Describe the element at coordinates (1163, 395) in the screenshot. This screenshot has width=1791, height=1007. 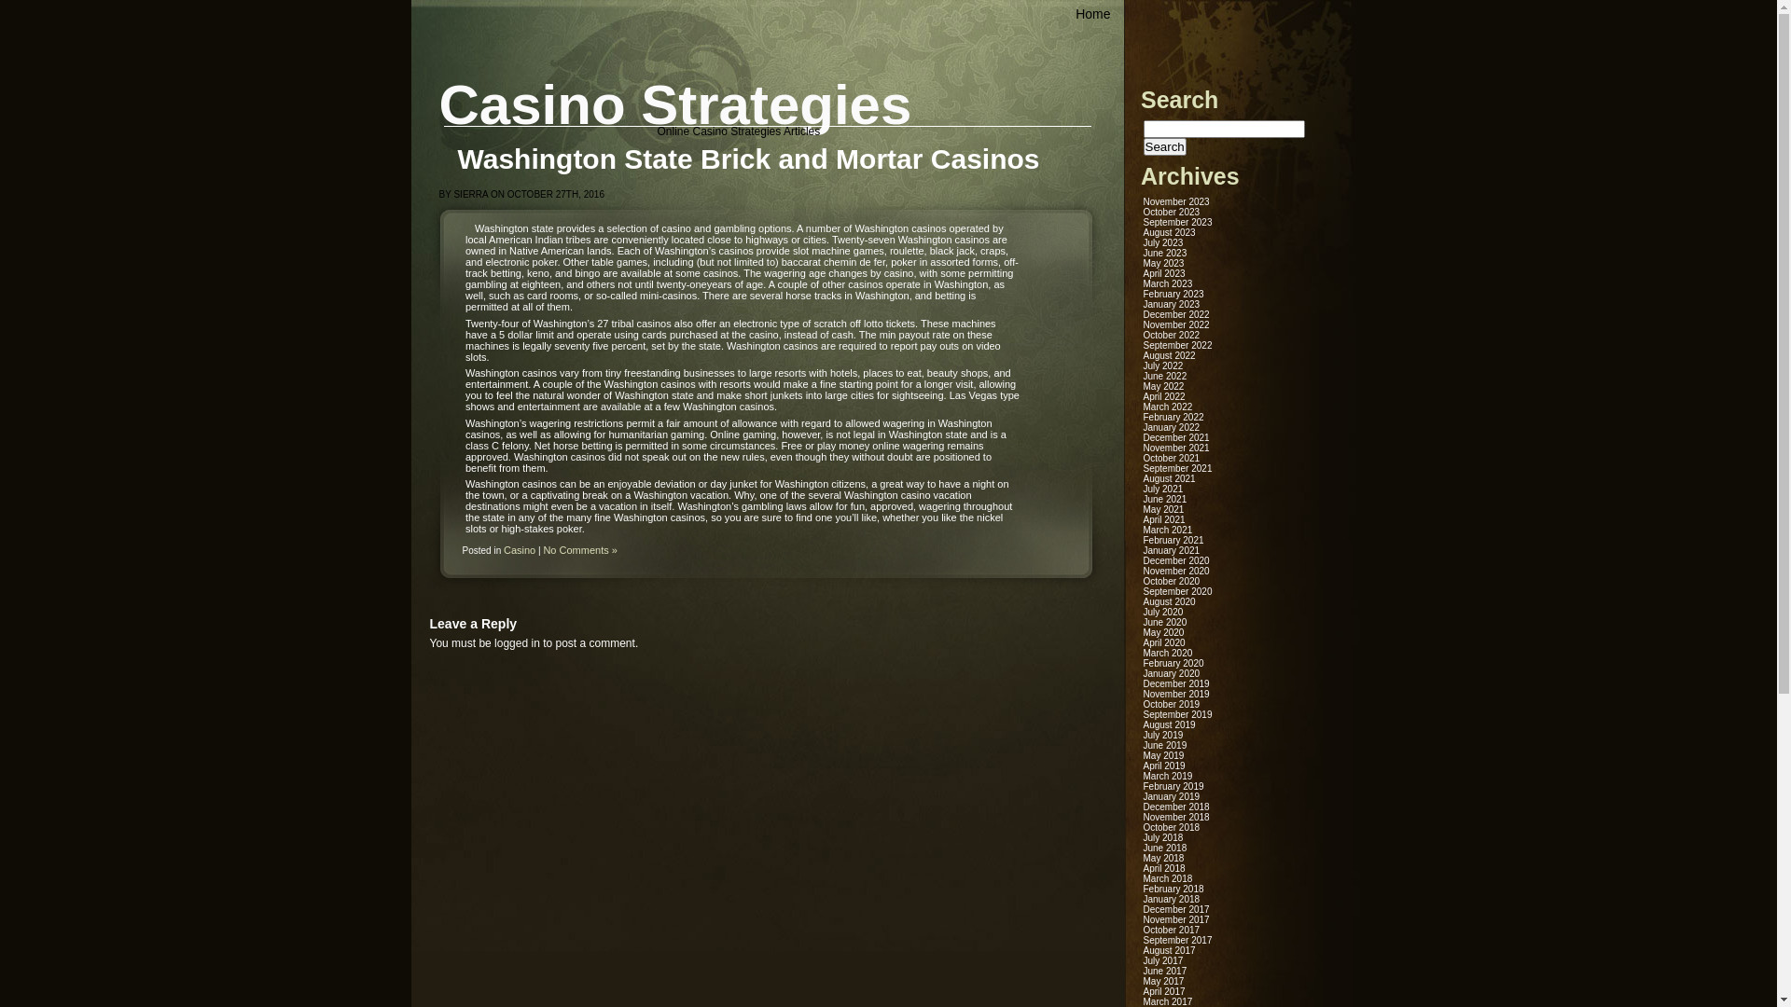
I see `'April 2022'` at that location.